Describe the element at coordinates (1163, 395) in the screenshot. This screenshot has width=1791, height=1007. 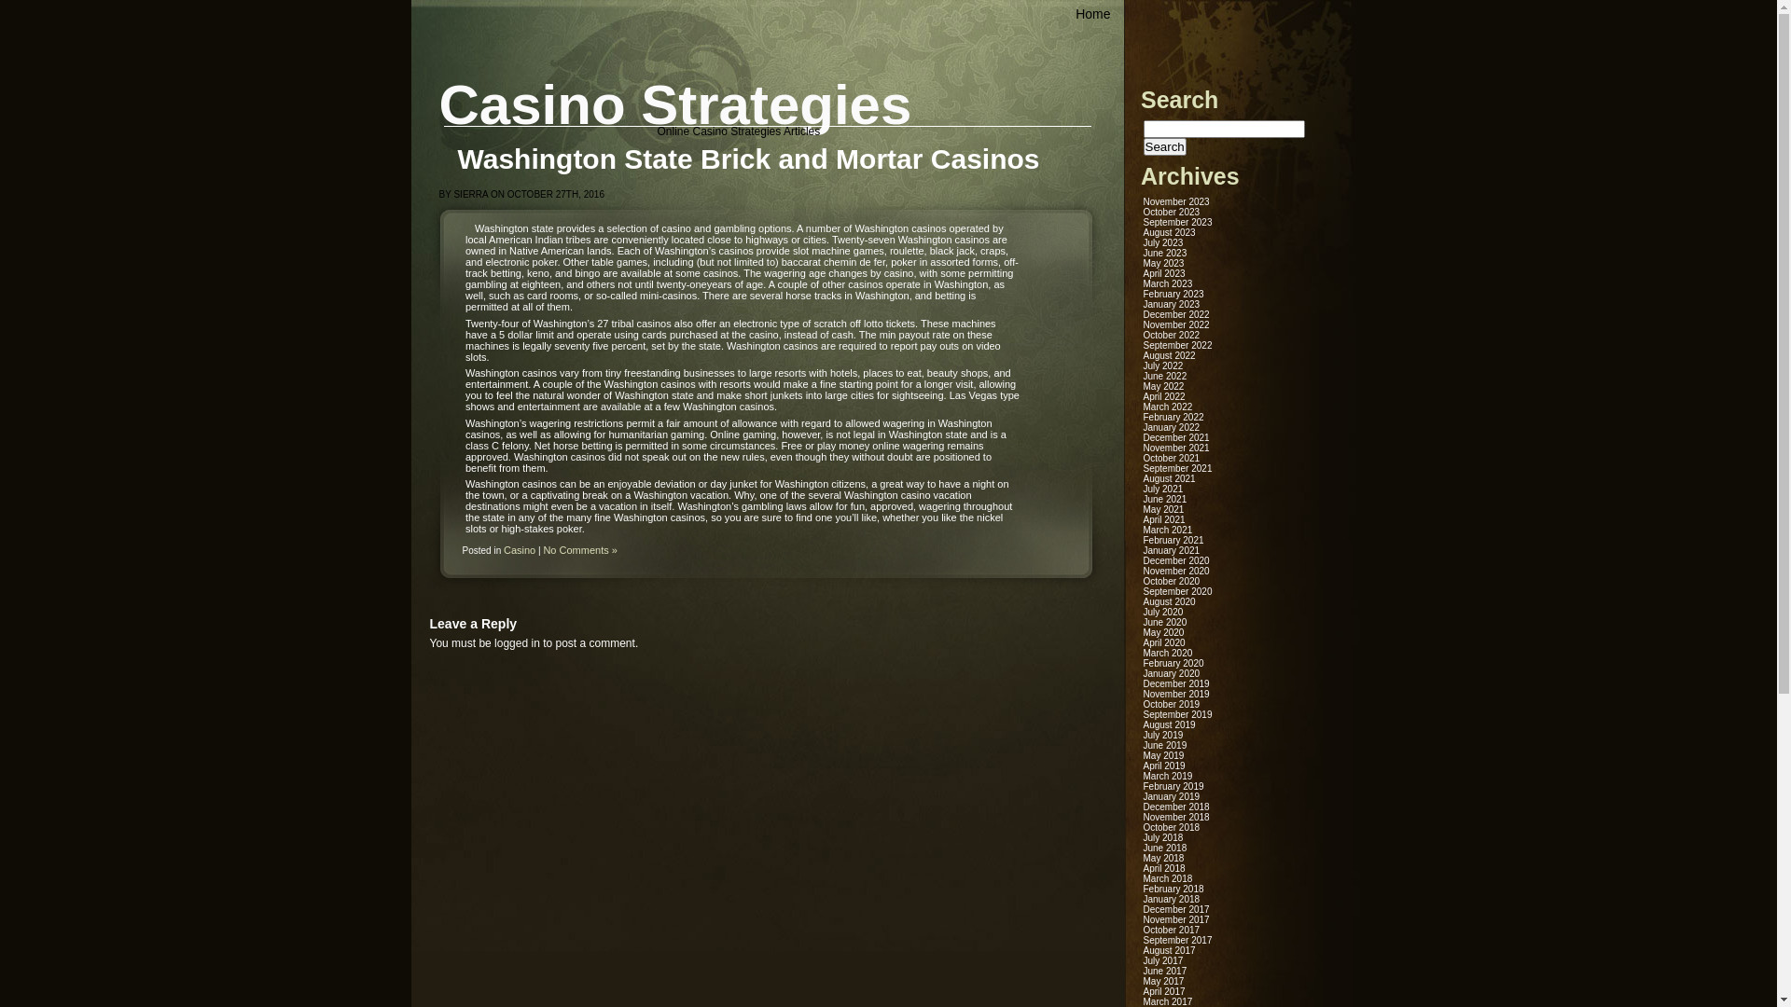
I see `'April 2022'` at that location.